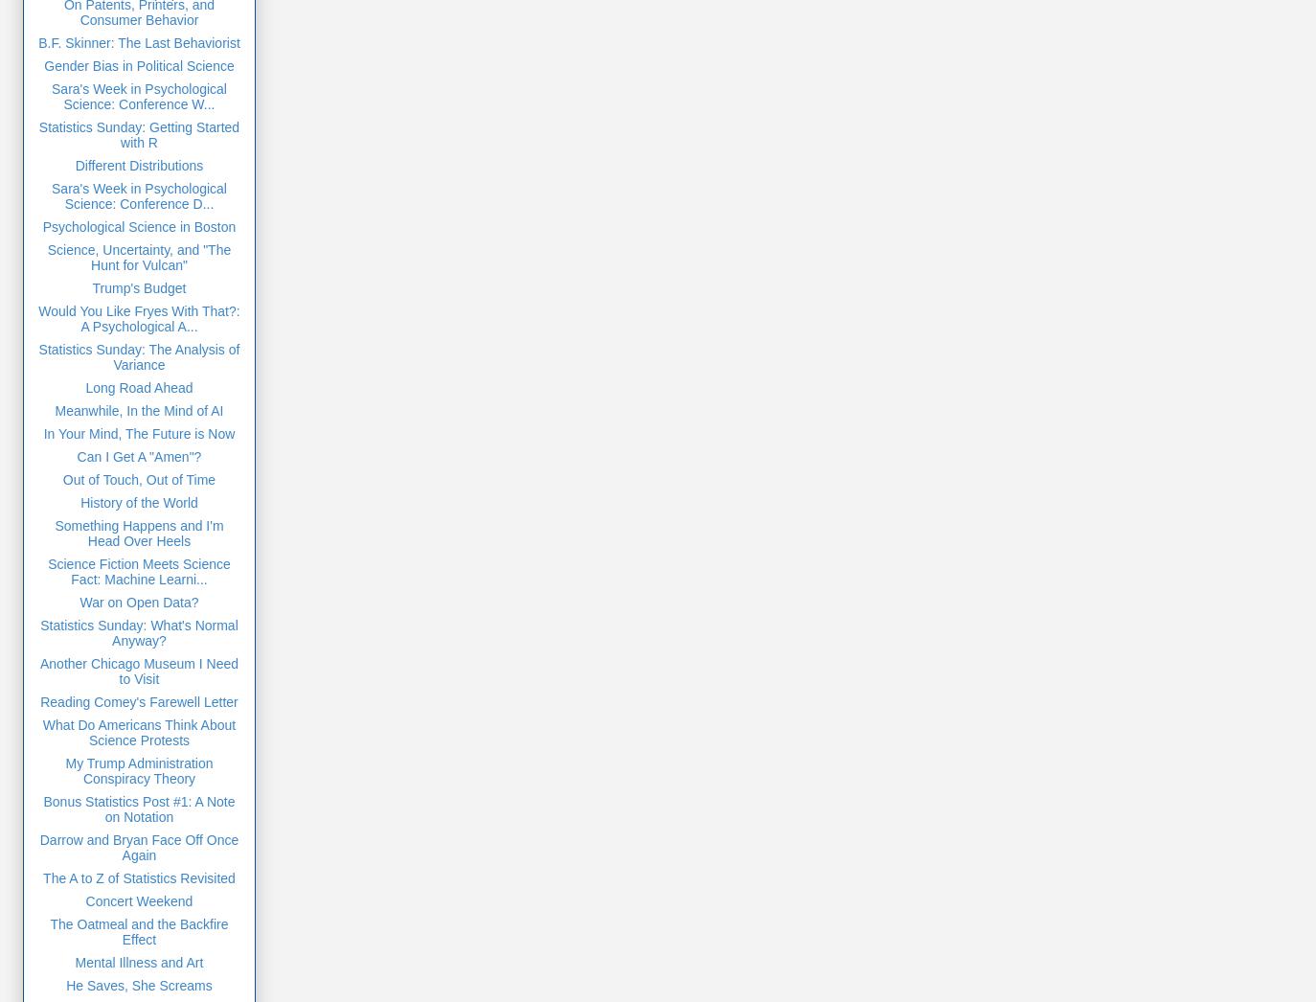  I want to click on 'Bonus Statistics Post #1: A Note on Notation', so click(137, 808).